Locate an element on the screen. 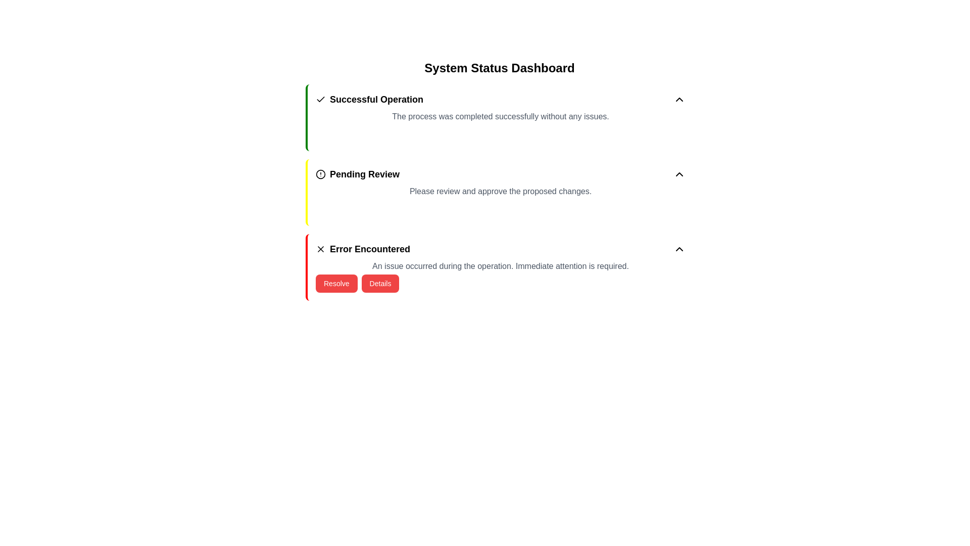 The image size is (970, 546). the second button is located at coordinates (380, 283).